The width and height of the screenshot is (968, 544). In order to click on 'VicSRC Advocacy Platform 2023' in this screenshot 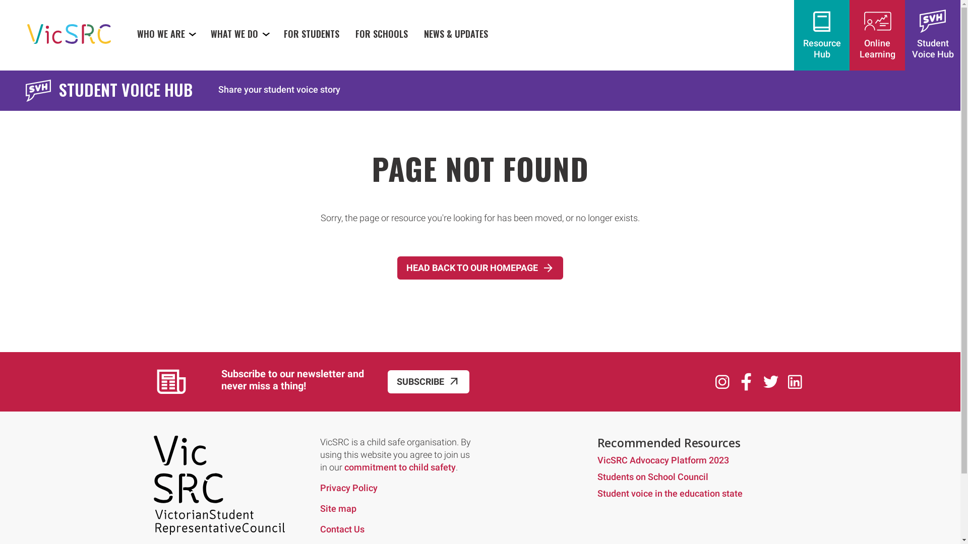, I will do `click(662, 460)`.